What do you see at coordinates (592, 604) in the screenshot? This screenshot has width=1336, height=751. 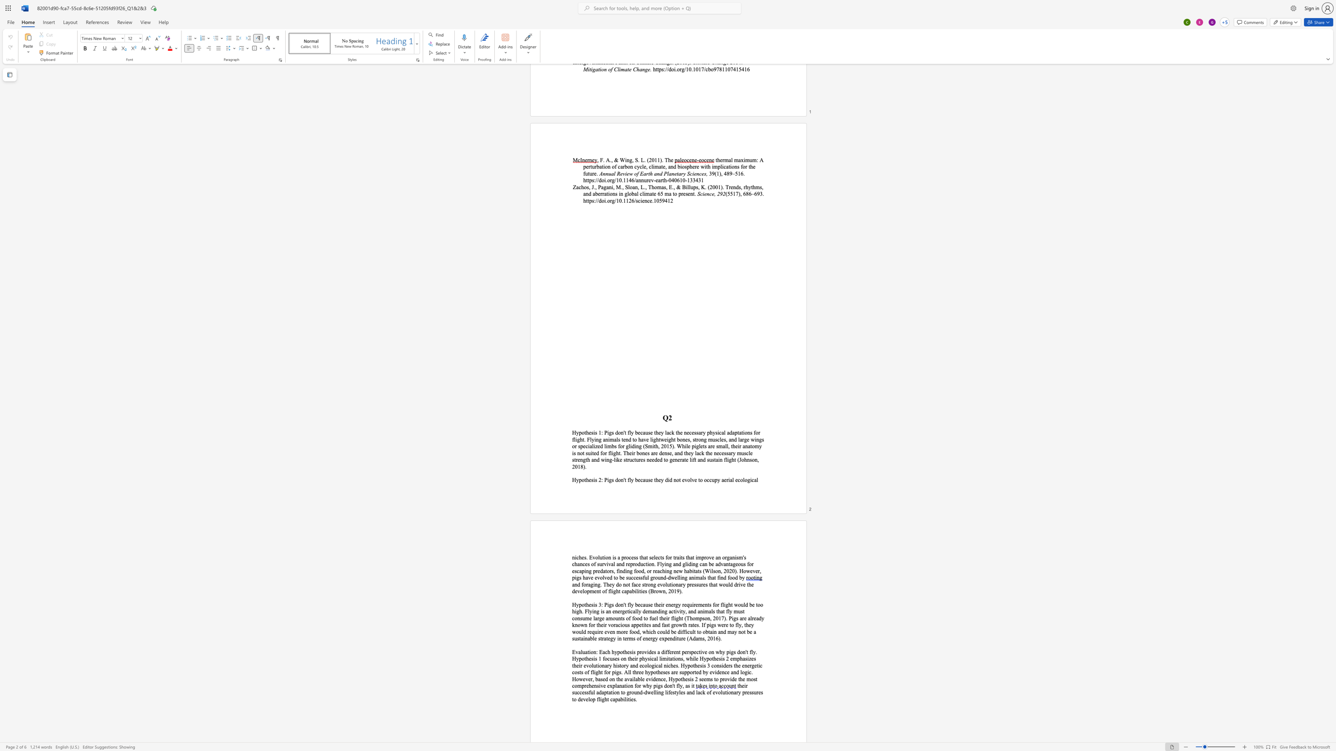 I see `the 1th character "s" in the text` at bounding box center [592, 604].